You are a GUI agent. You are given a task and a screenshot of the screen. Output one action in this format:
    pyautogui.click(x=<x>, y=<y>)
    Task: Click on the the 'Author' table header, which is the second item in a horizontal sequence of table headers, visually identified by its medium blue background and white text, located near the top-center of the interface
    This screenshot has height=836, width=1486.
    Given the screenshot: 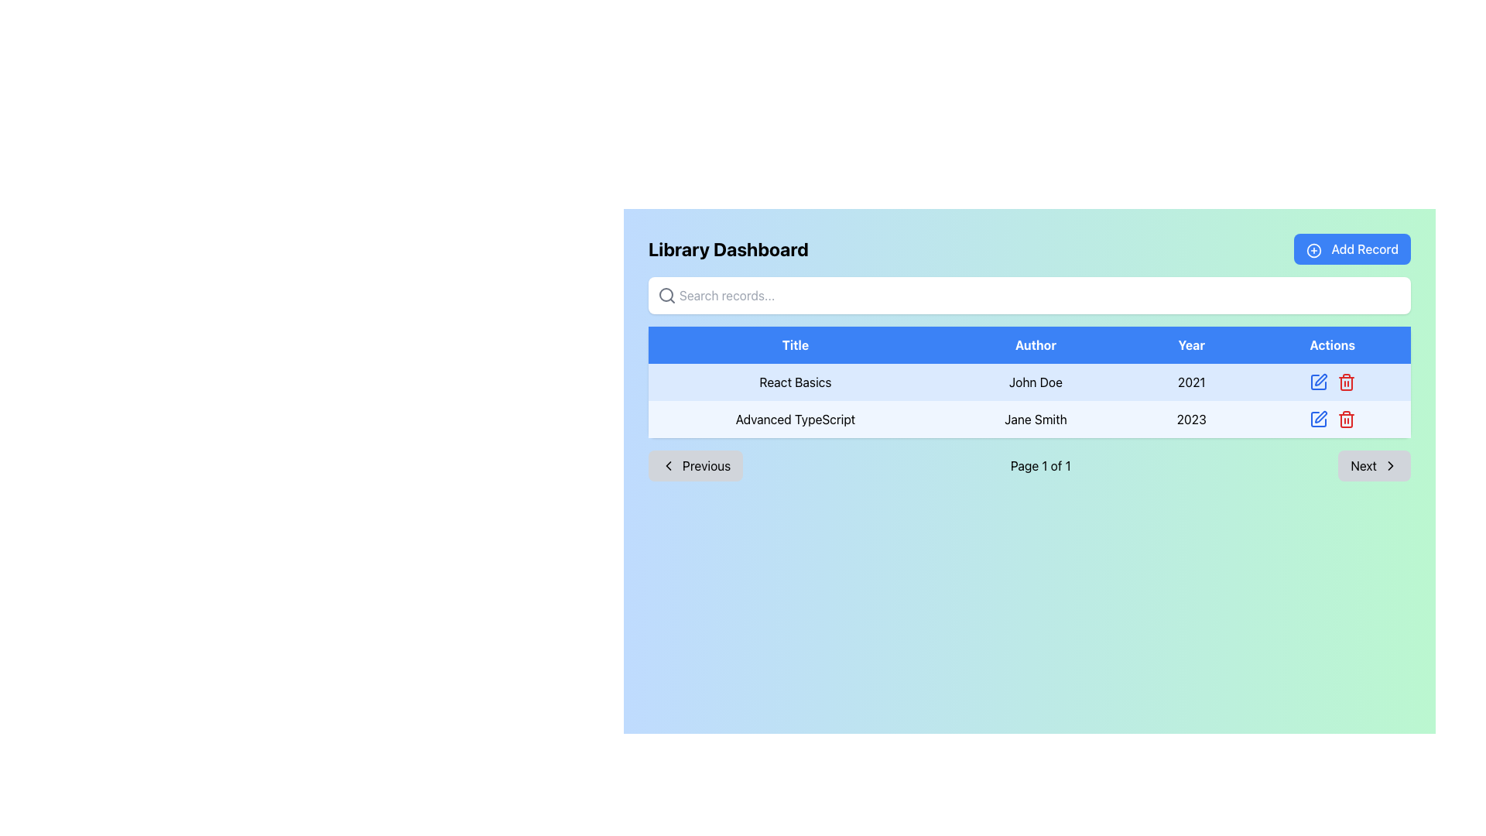 What is the action you would take?
    pyautogui.click(x=1036, y=344)
    